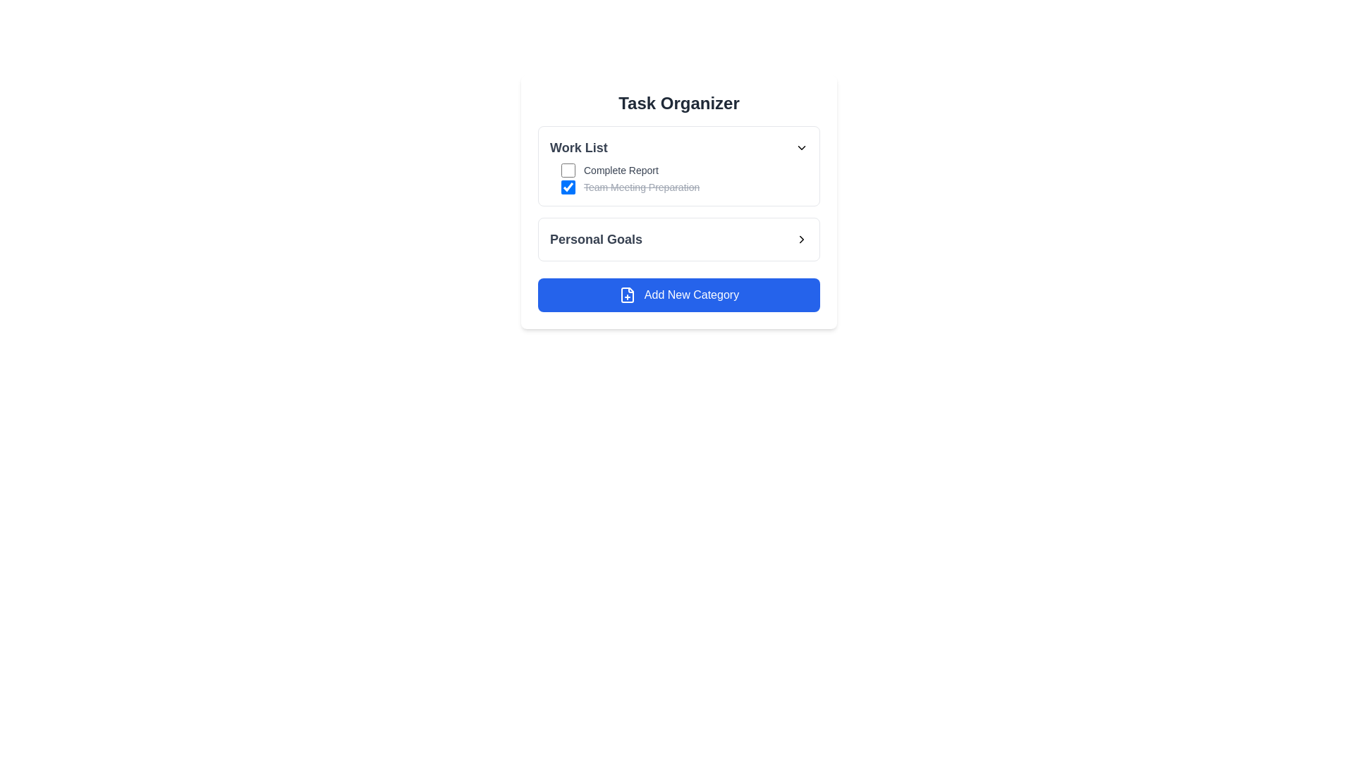 This screenshot has width=1354, height=761. I want to click on the small right-pointing chevron icon located at the right end of the 'Personal Goals' section, so click(802, 238).